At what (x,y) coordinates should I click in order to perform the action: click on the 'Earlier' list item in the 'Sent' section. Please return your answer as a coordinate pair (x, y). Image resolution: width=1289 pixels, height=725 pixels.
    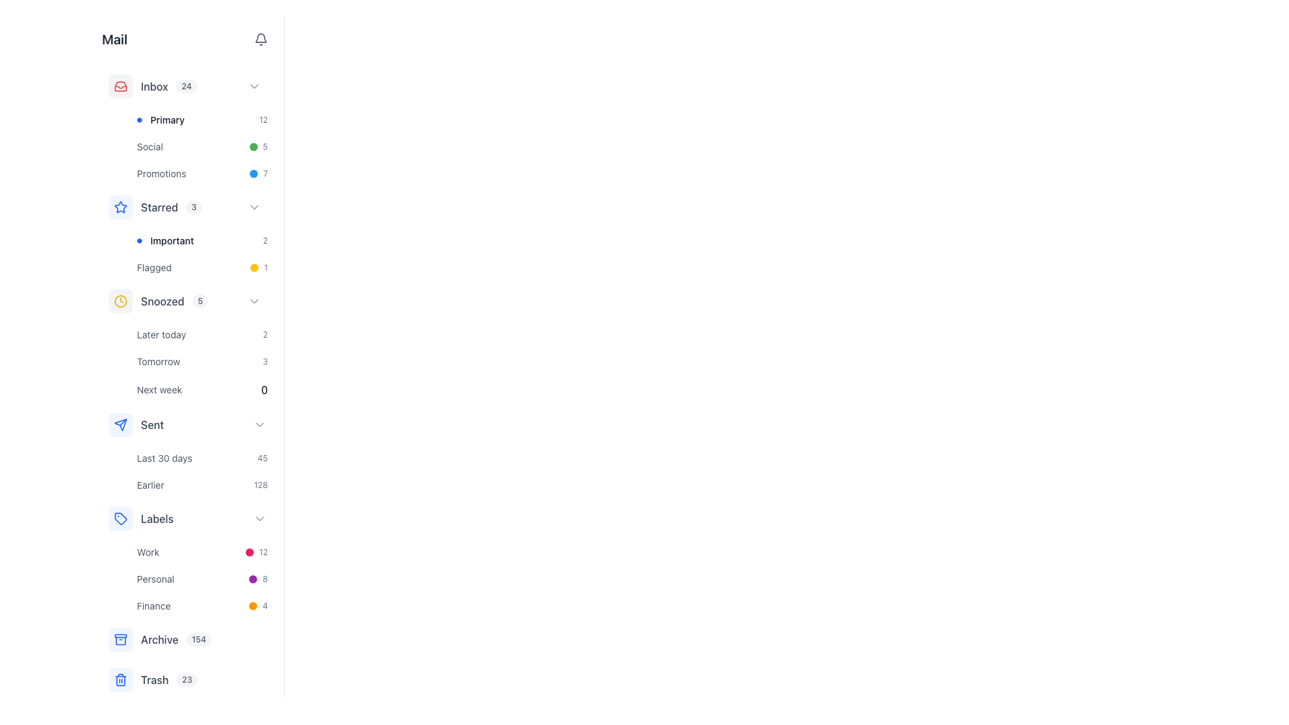
    Looking at the image, I should click on (201, 485).